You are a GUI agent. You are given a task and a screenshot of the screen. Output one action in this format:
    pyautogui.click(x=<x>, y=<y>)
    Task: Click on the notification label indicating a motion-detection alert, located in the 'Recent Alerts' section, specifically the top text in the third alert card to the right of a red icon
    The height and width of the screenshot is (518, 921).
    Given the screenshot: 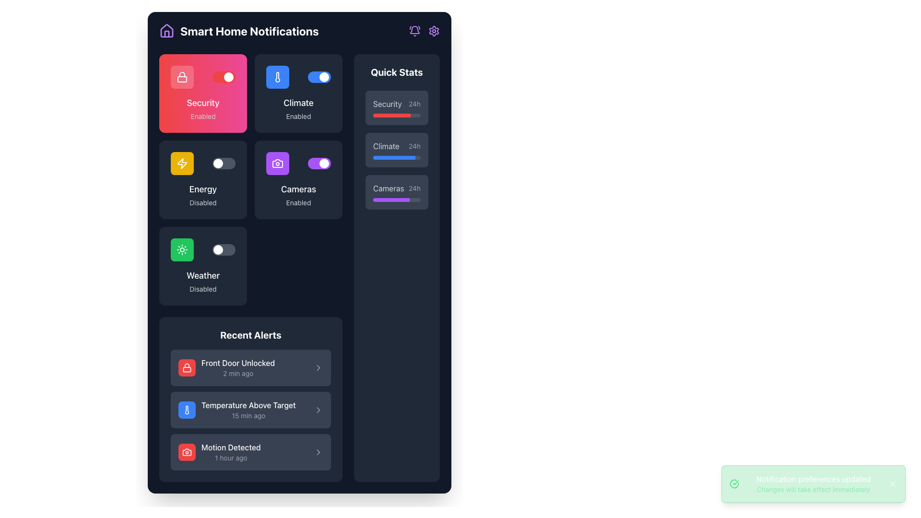 What is the action you would take?
    pyautogui.click(x=231, y=447)
    